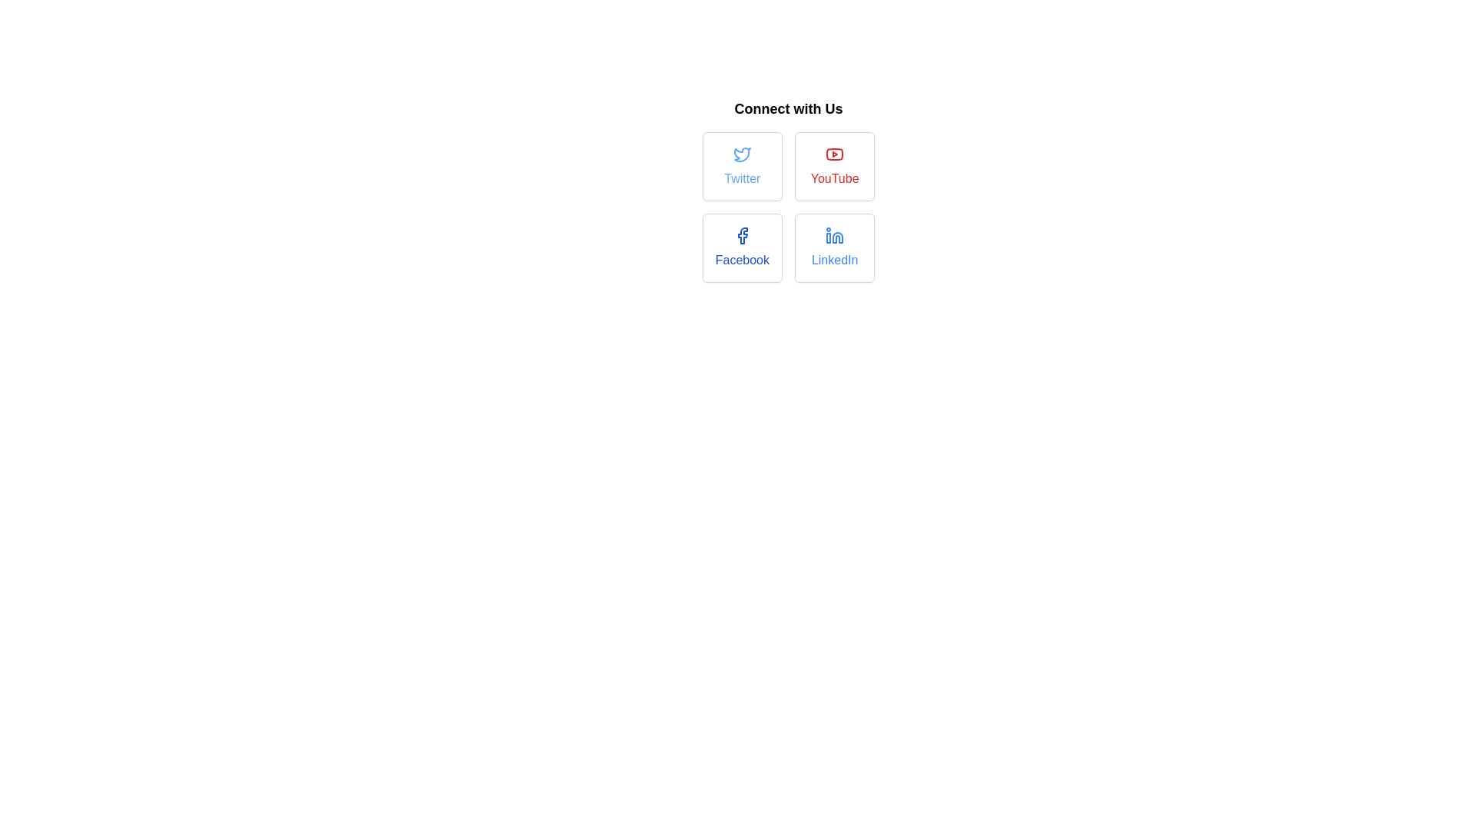 The image size is (1476, 830). Describe the element at coordinates (834, 260) in the screenshot. I see `text from the LinkedIn label located in the bottom-right box of the social media links grid, positioned below the blue LinkedIn logo icon` at that location.